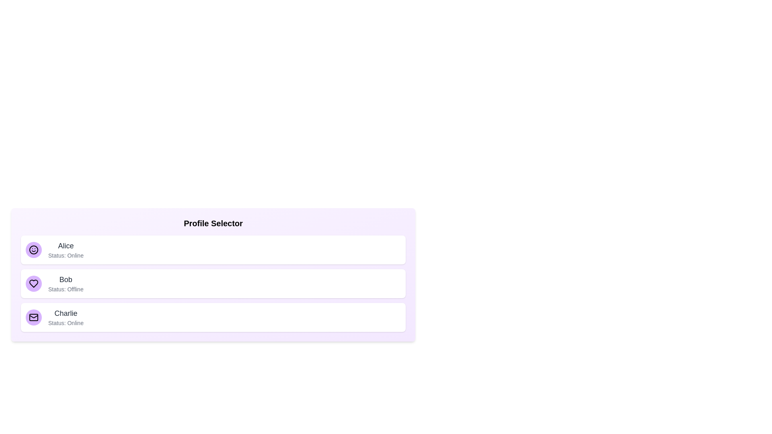  Describe the element at coordinates (213, 283) in the screenshot. I see `the profile named Bob to select it` at that location.